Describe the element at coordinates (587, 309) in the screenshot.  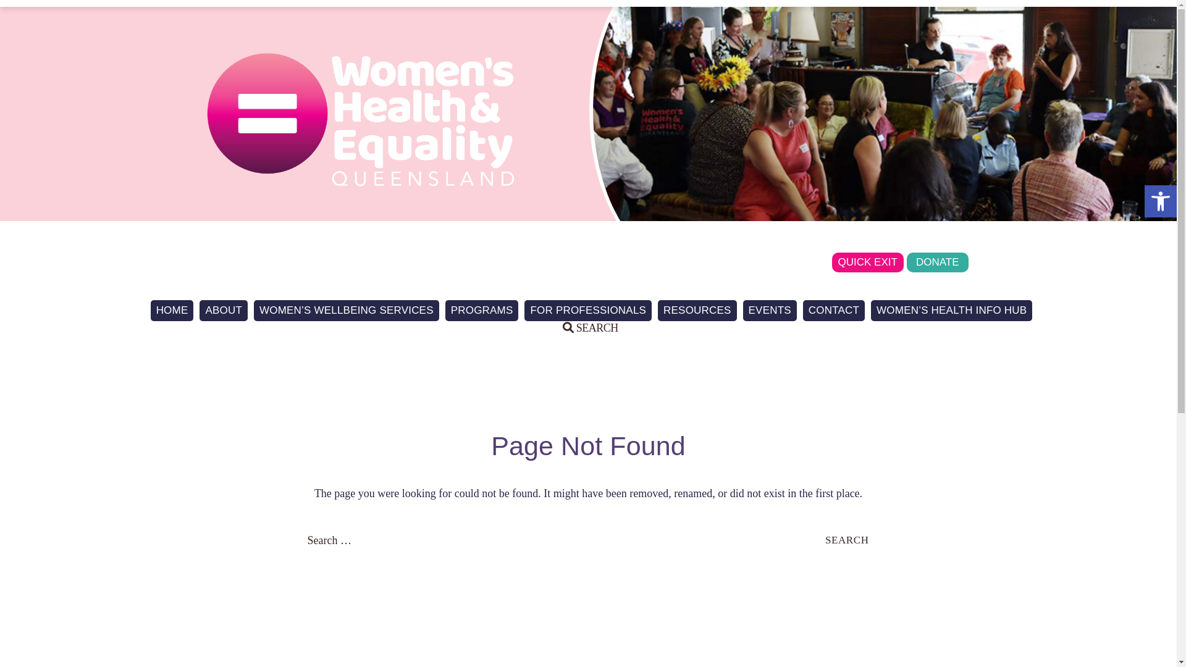
I see `'FOR PROFESSIONALS'` at that location.